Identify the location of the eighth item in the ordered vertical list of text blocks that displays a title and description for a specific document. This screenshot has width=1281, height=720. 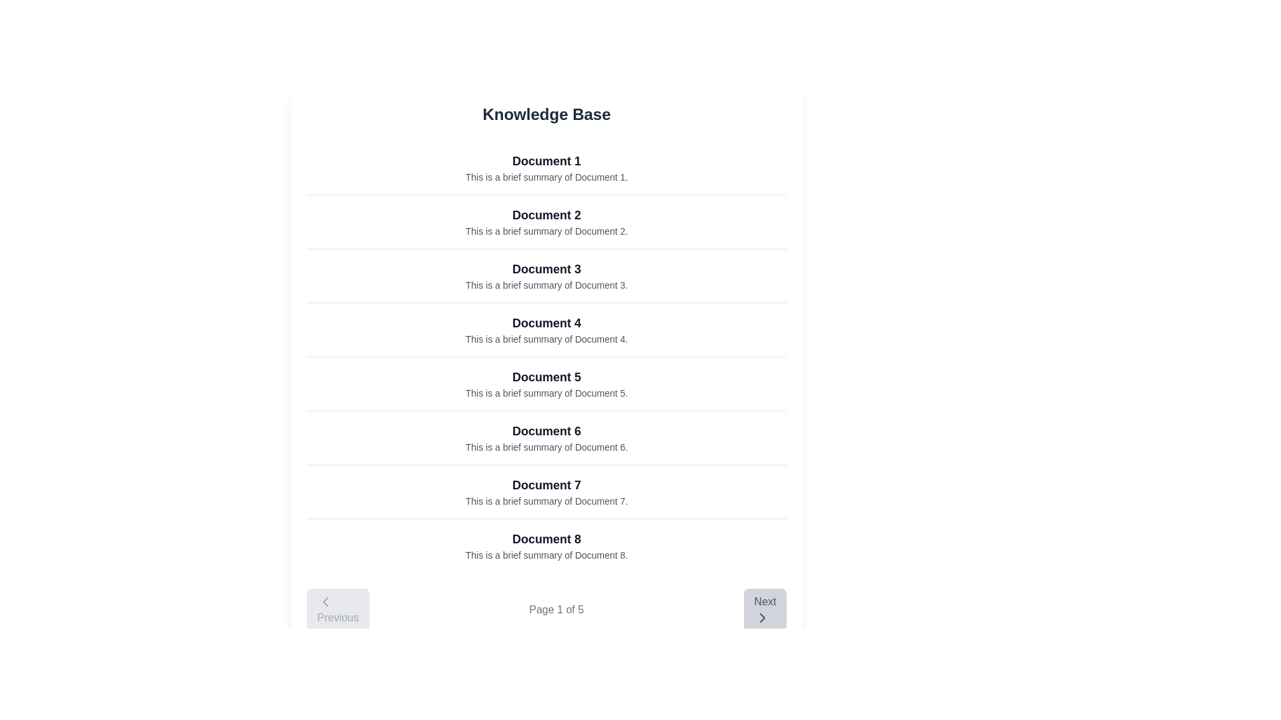
(546, 545).